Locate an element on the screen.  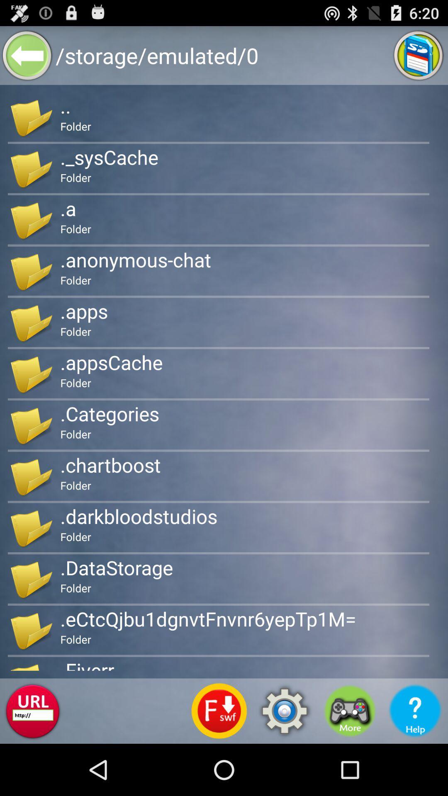
the .datastorage item is located at coordinates (117, 567).